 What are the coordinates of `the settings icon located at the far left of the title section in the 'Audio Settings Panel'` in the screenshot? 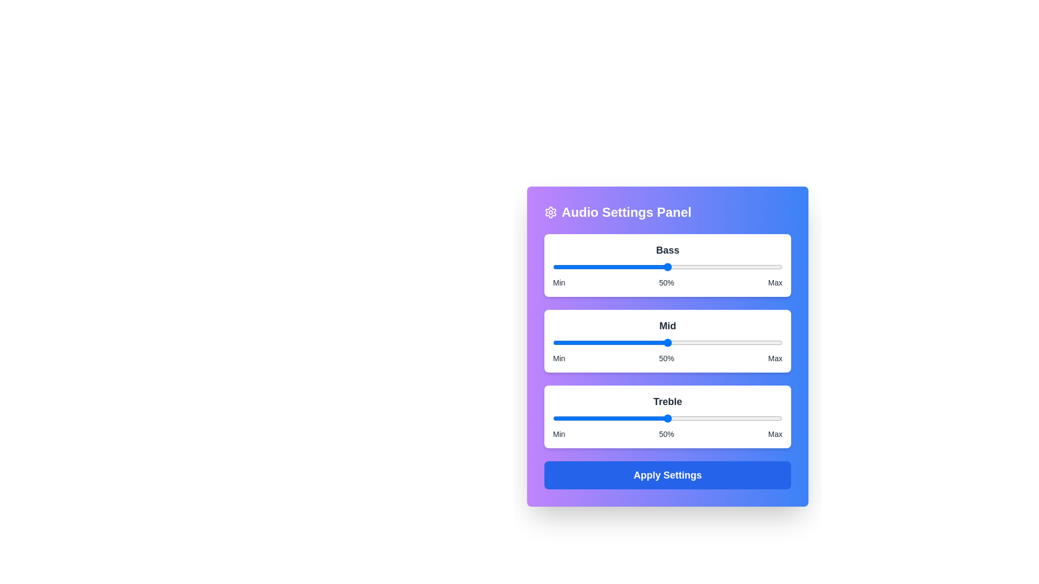 It's located at (550, 213).